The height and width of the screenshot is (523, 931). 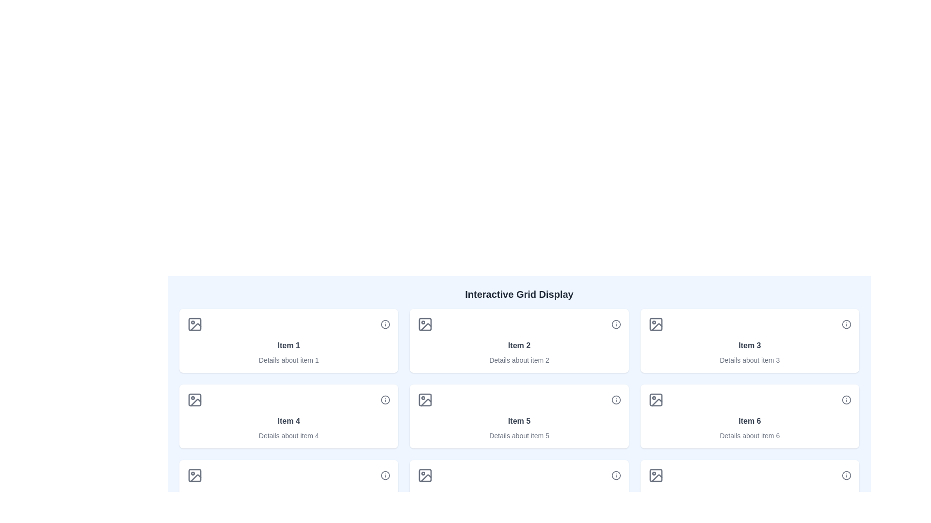 I want to click on the Button or Icon Button located at the top-right corner of the 'Item 5' card, so click(x=615, y=400).